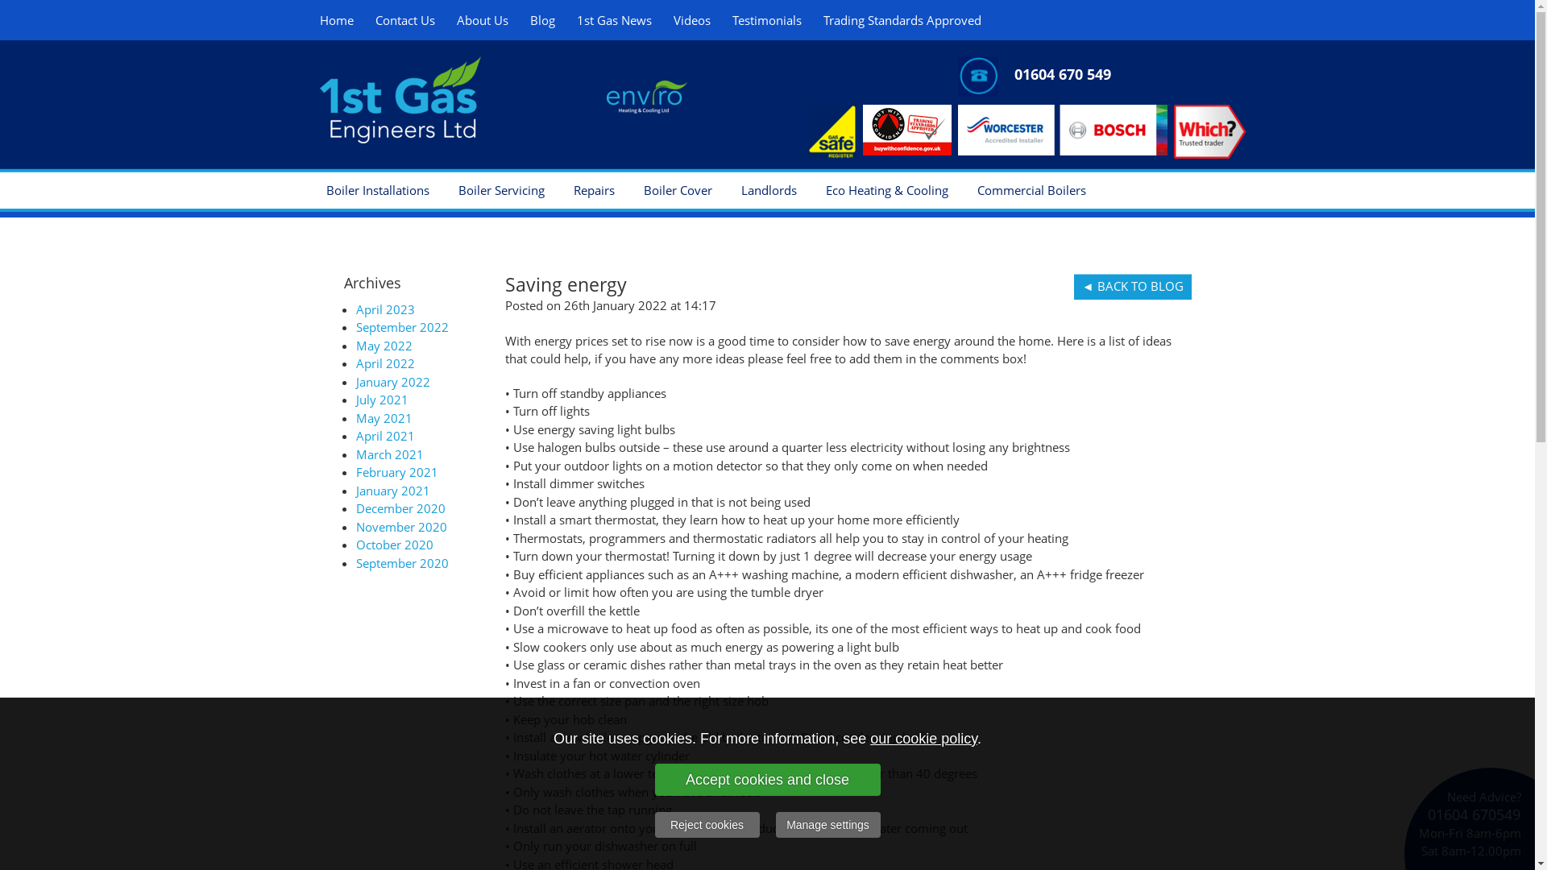 This screenshot has width=1547, height=870. I want to click on 'October 2020', so click(394, 544).